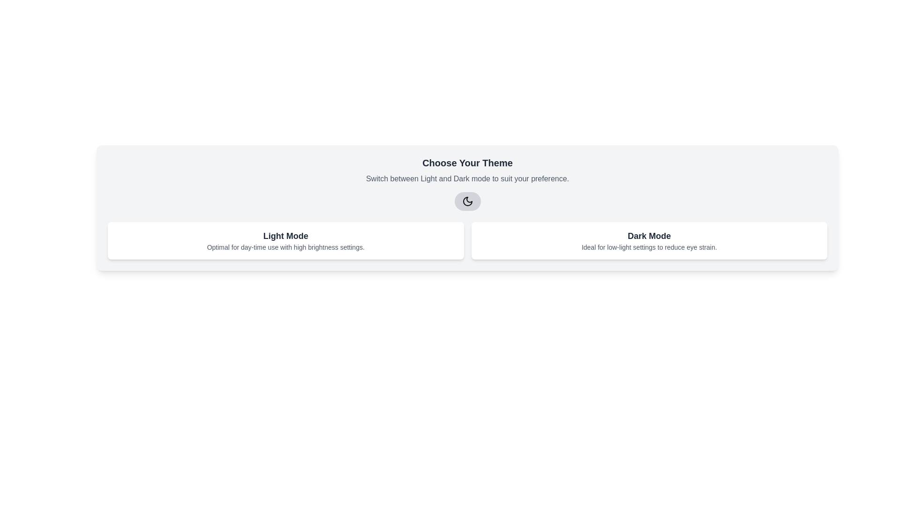 The image size is (900, 506). What do you see at coordinates (467, 201) in the screenshot?
I see `the round button with a moon icon in dark gray, located at the center of a light gray horizontal bar` at bounding box center [467, 201].